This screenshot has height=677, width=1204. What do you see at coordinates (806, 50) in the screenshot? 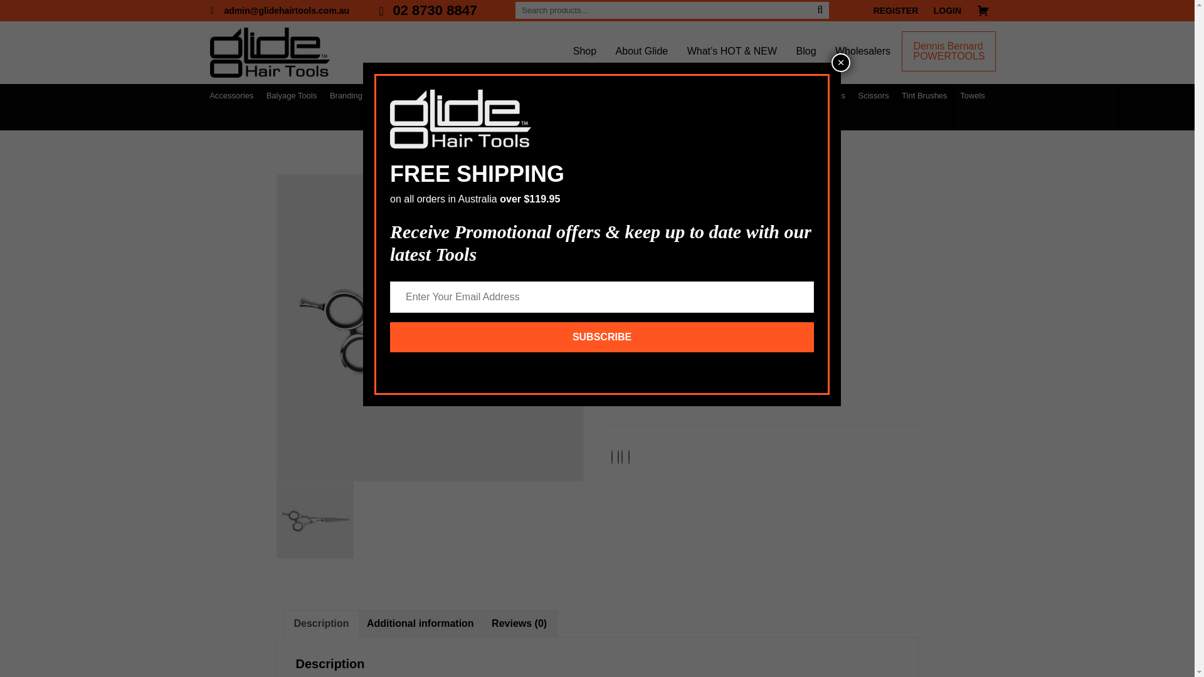
I see `'Blog'` at bounding box center [806, 50].